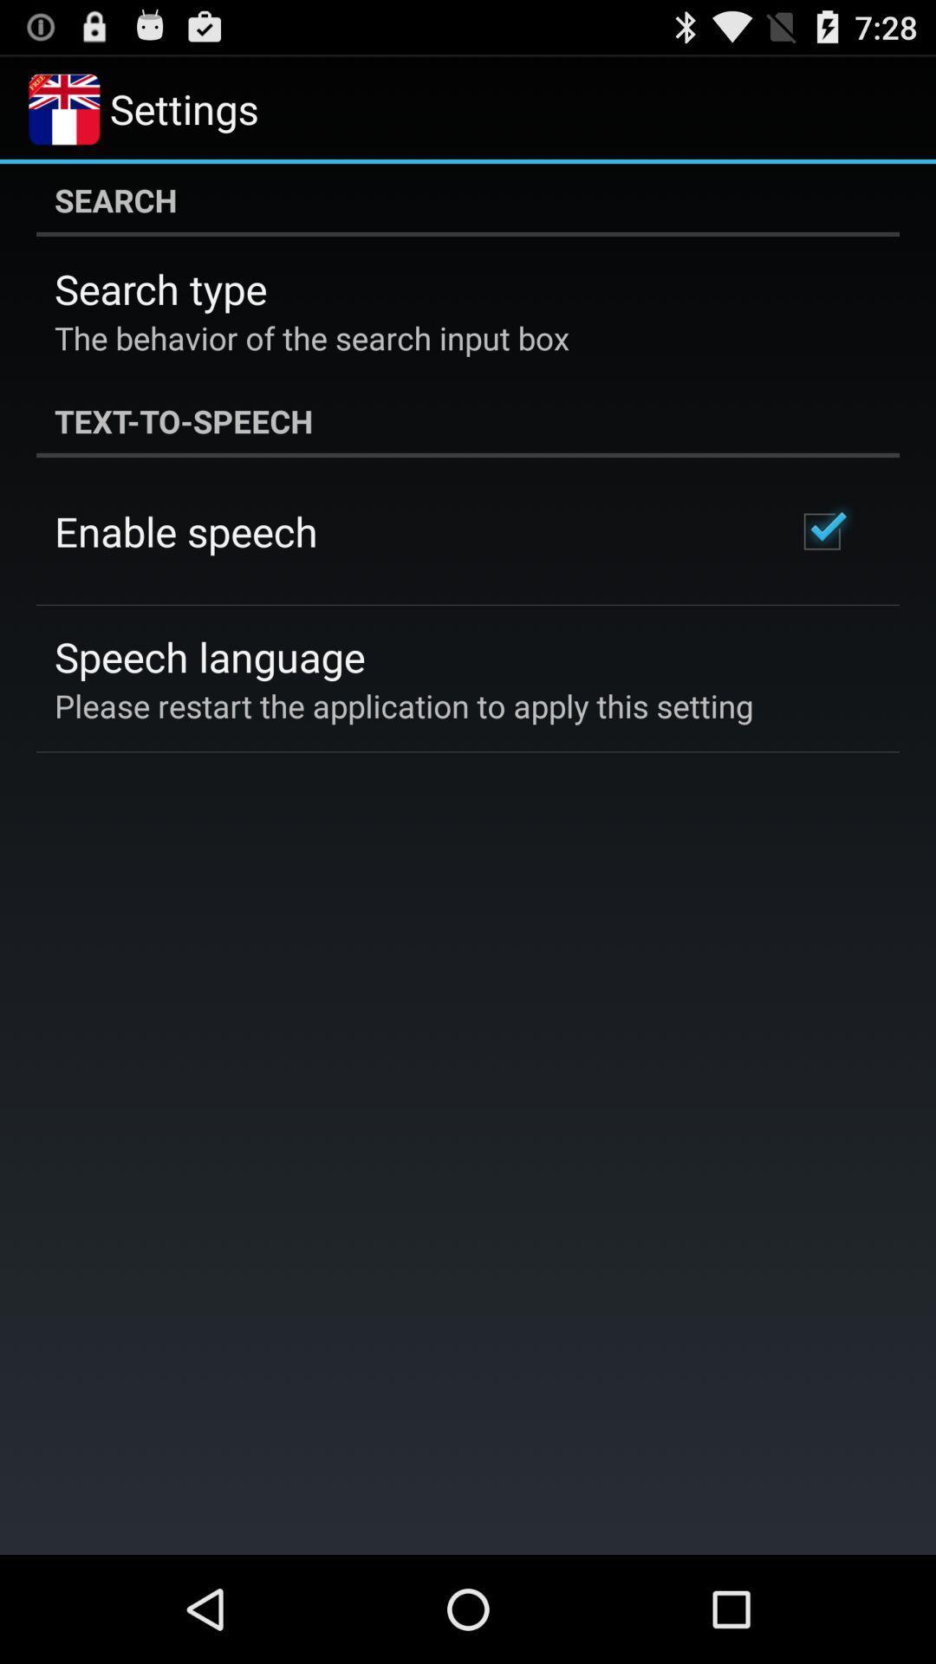  What do you see at coordinates (468, 420) in the screenshot?
I see `the text-to-speech` at bounding box center [468, 420].